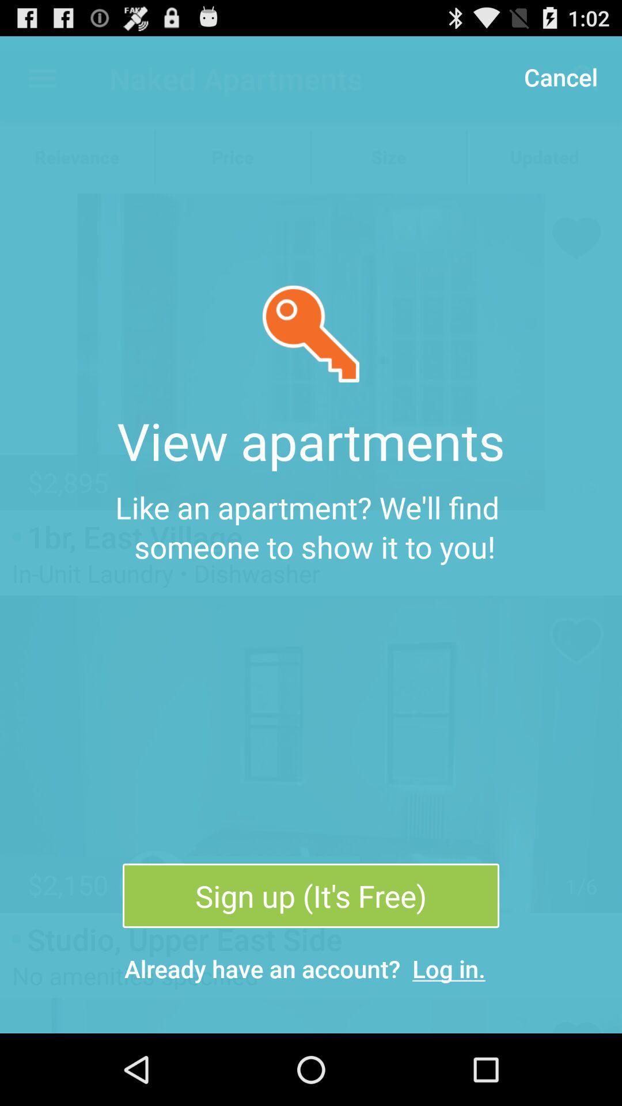  Describe the element at coordinates (311, 895) in the screenshot. I see `icon above log in. icon` at that location.